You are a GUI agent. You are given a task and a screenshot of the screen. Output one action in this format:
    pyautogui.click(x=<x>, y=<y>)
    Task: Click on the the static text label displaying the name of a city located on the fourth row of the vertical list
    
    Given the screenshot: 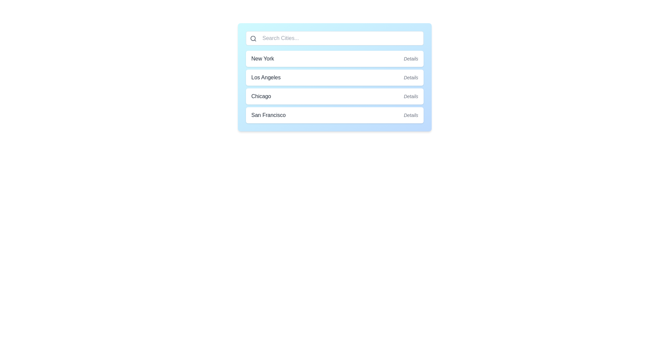 What is the action you would take?
    pyautogui.click(x=268, y=115)
    